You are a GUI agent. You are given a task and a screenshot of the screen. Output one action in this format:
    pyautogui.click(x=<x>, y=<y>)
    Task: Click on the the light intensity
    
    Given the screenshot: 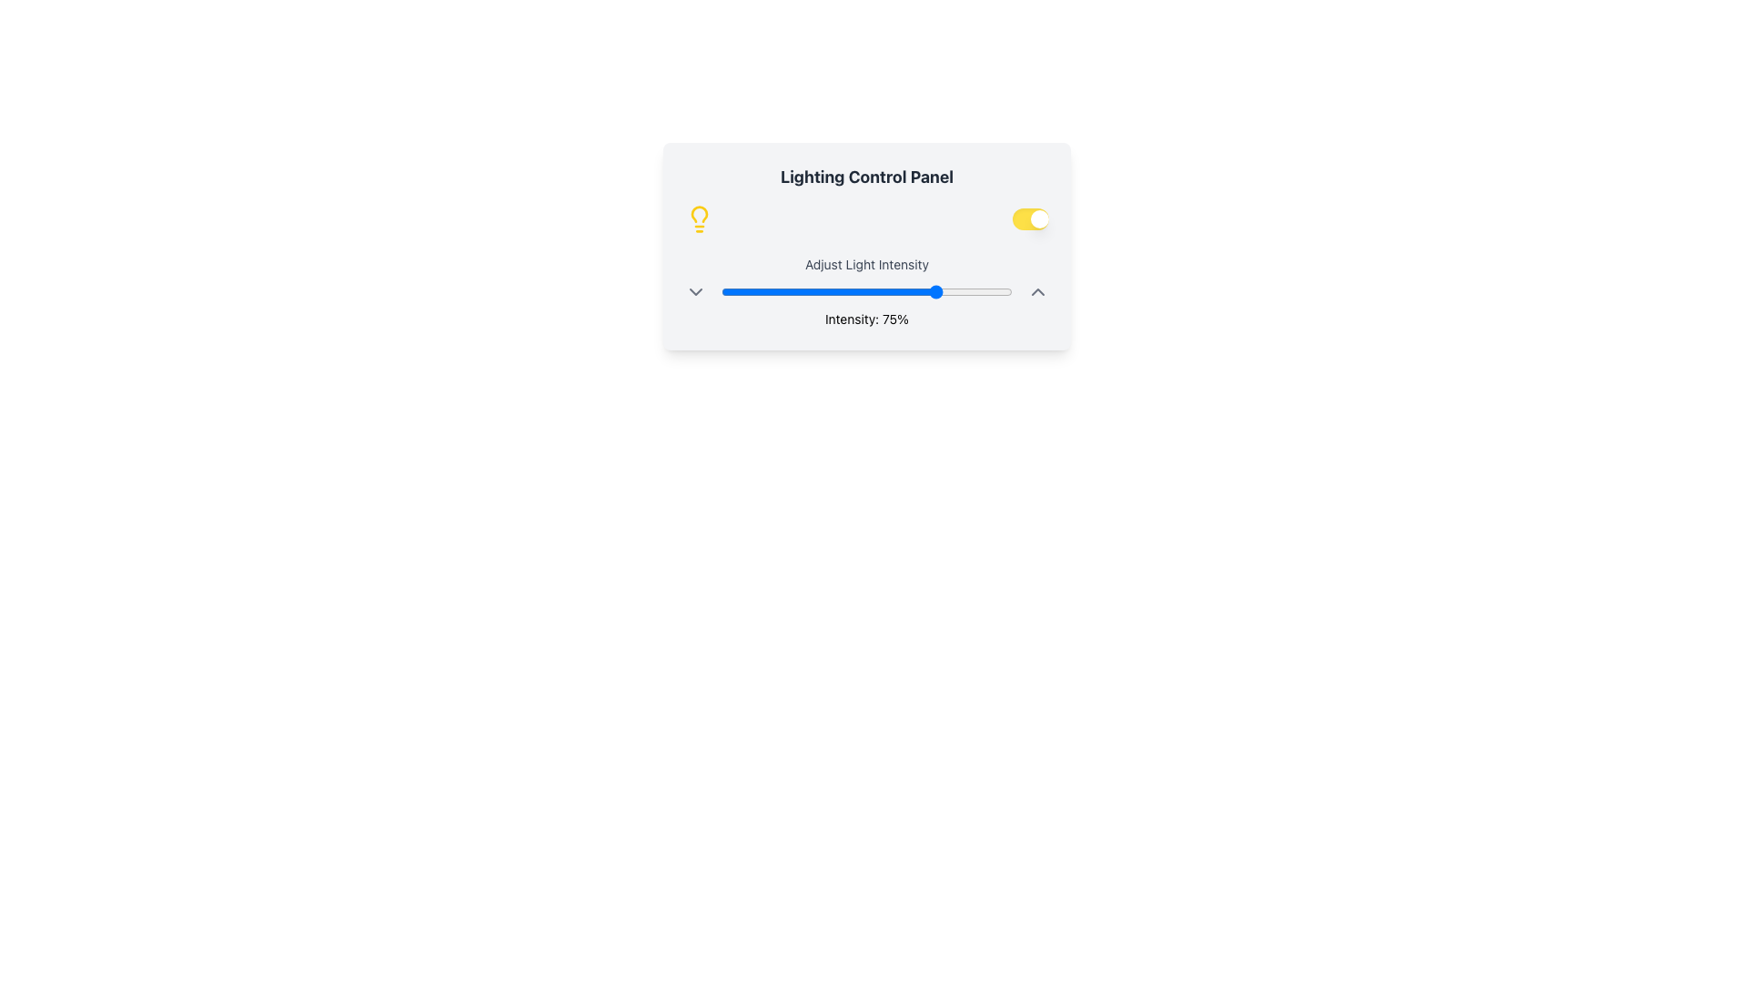 What is the action you would take?
    pyautogui.click(x=776, y=290)
    